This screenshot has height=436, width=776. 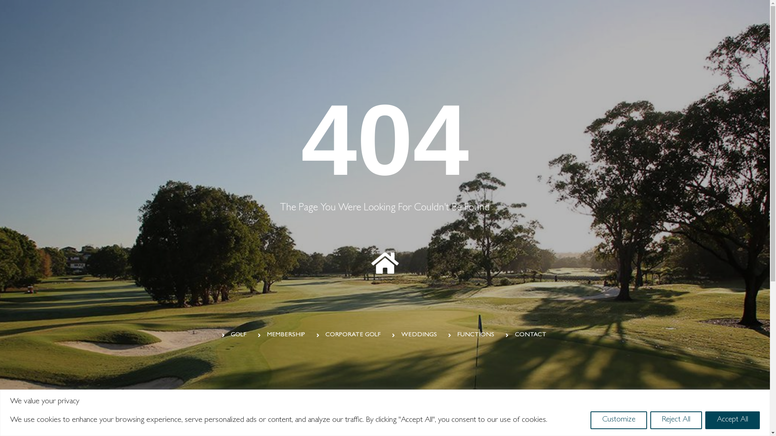 What do you see at coordinates (283, 335) in the screenshot?
I see `'MEMBERSHIP'` at bounding box center [283, 335].